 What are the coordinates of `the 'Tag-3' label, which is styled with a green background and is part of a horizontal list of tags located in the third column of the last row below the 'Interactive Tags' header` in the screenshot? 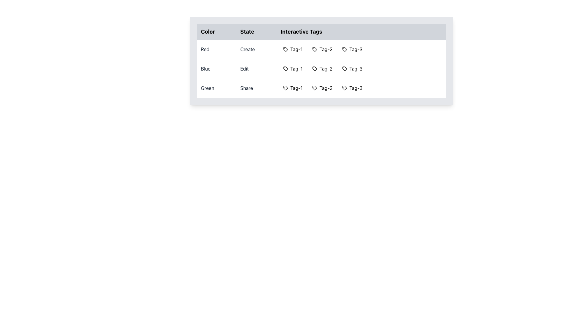 It's located at (361, 88).